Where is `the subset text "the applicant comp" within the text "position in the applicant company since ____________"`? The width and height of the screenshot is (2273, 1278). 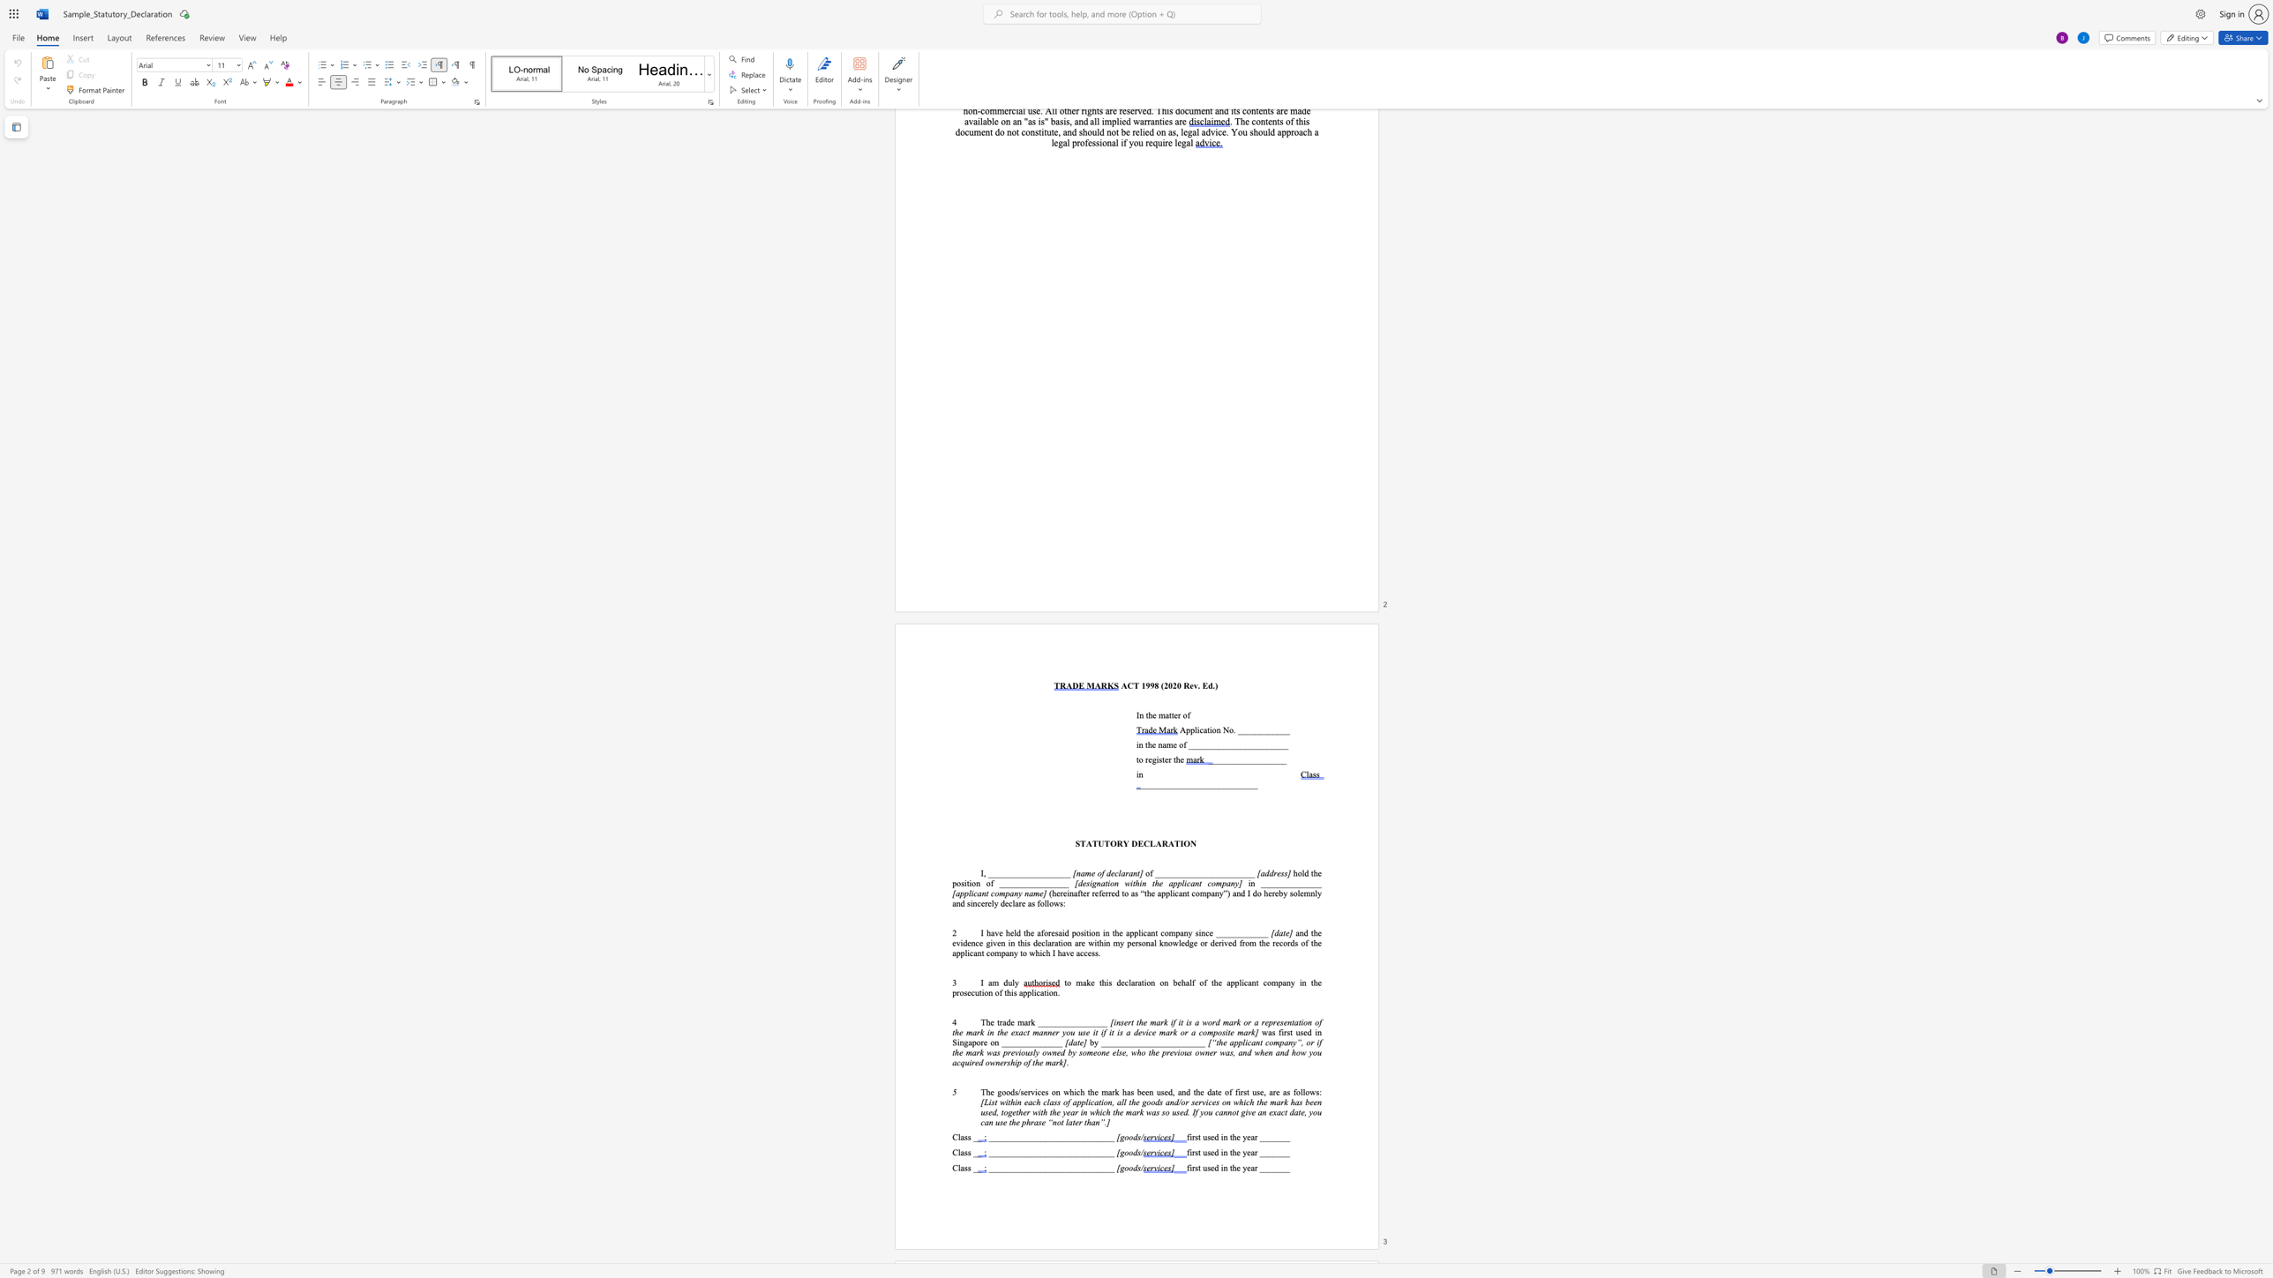 the subset text "the applicant comp" within the text "position in the applicant company since ____________" is located at coordinates (1112, 932).